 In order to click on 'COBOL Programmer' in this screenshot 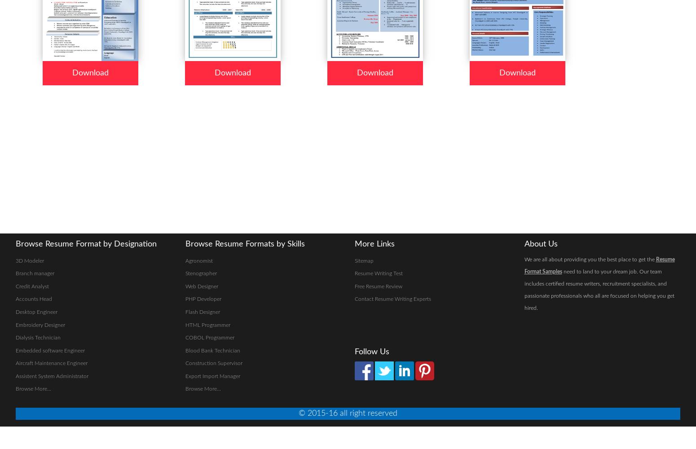, I will do `click(185, 338)`.